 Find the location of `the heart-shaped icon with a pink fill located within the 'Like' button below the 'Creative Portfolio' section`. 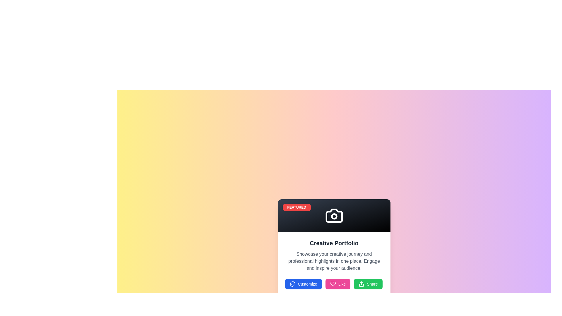

the heart-shaped icon with a pink fill located within the 'Like' button below the 'Creative Portfolio' section is located at coordinates (333, 284).